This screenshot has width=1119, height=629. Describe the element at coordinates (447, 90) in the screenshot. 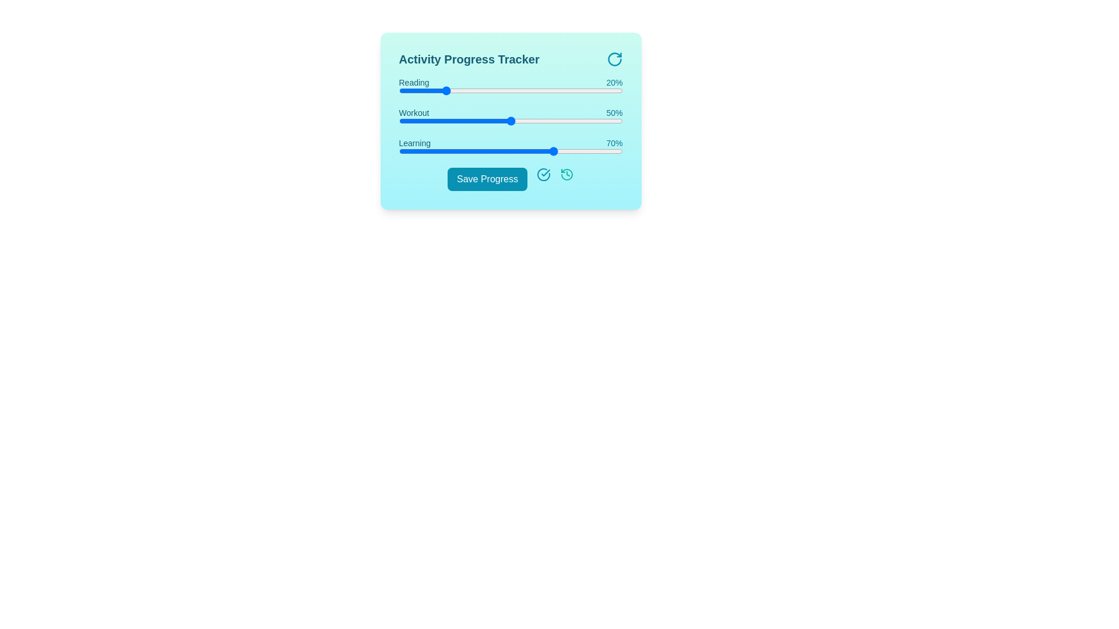

I see `the progress value for a specific activity by setting the slider to 22` at that location.